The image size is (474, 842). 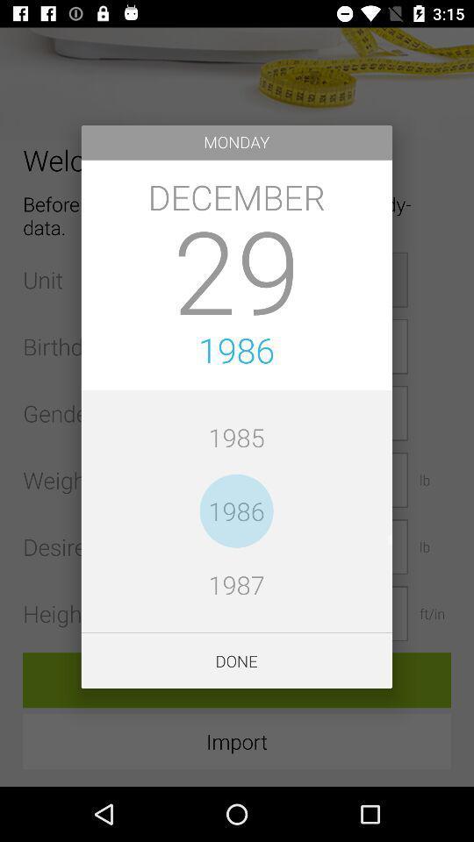 What do you see at coordinates (236, 660) in the screenshot?
I see `done` at bounding box center [236, 660].